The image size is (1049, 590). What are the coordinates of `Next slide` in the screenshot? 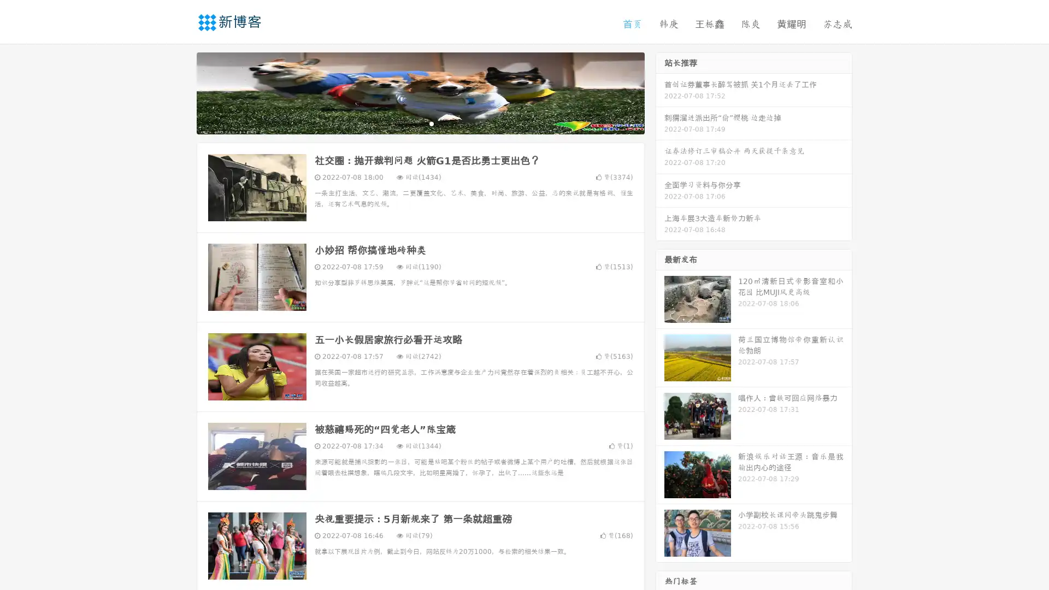 It's located at (660, 92).